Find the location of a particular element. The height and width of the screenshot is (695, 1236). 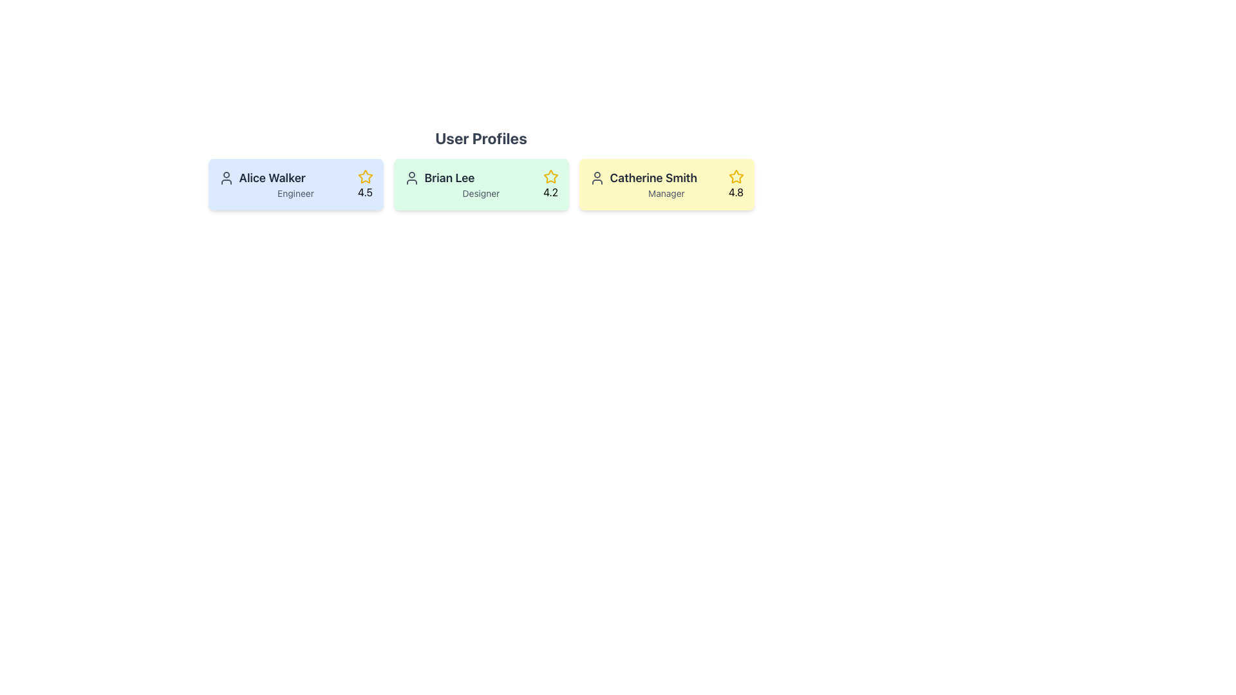

the yellow star-shaped icon with a hollow center located at the top-right corner of Brian Lee's user card, adjacent to the rating score of 4.2 is located at coordinates (550, 176).